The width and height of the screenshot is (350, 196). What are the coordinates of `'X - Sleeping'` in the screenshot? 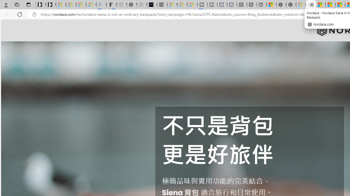 It's located at (252, 5).